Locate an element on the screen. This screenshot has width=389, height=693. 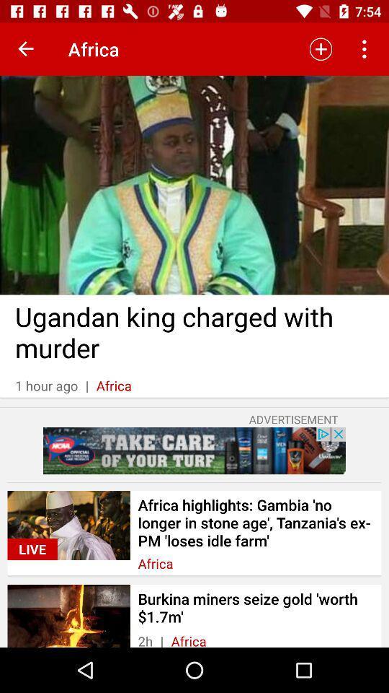
the more options button which is on the right hand side is located at coordinates (366, 49).